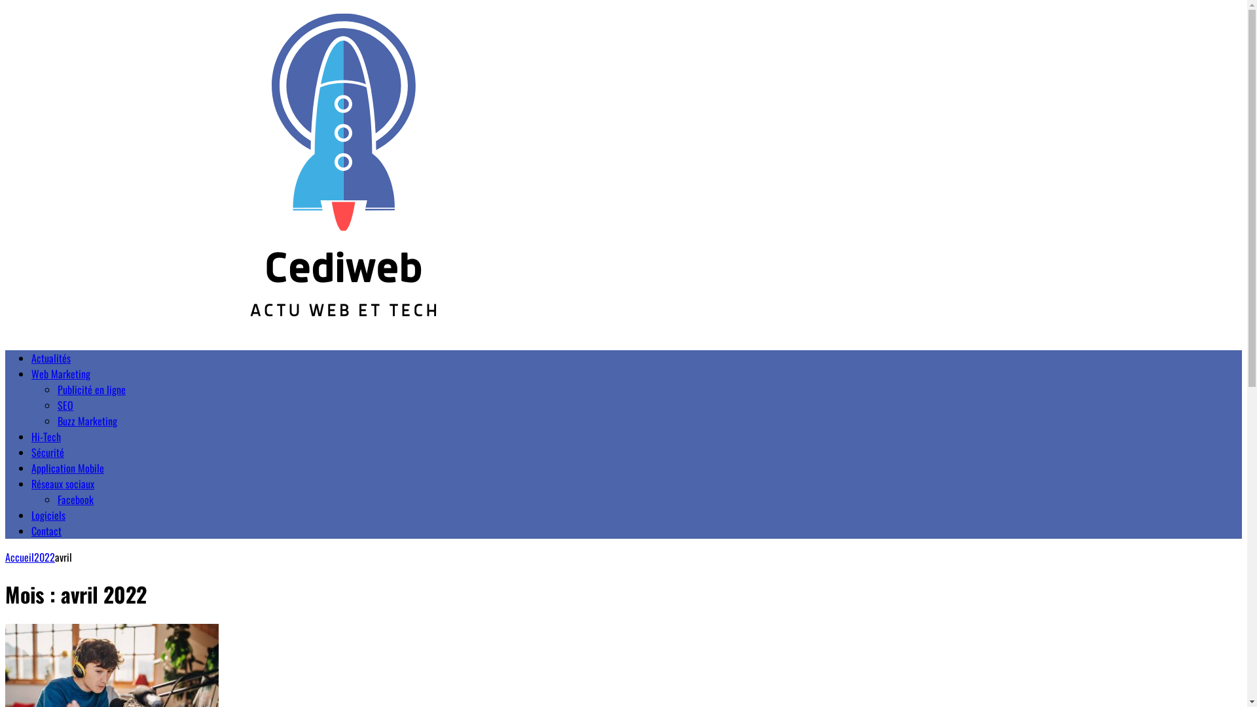 Image resolution: width=1257 pixels, height=707 pixels. What do you see at coordinates (65, 404) in the screenshot?
I see `'SEO'` at bounding box center [65, 404].